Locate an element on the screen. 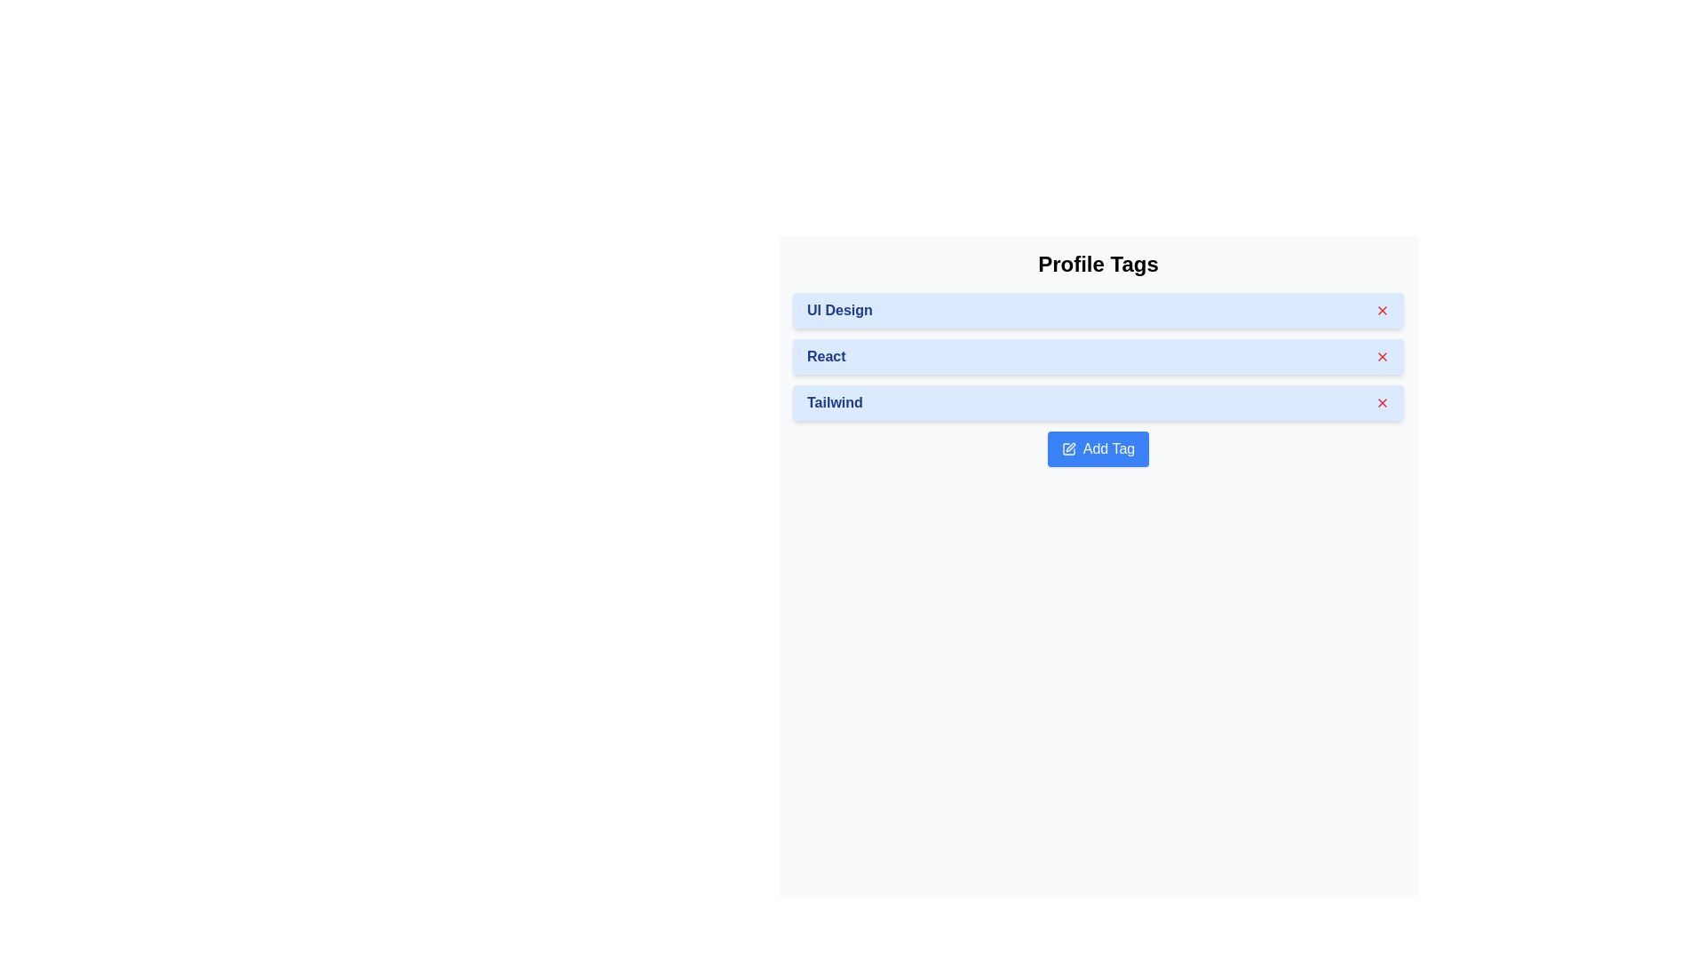  the pen icon on the left side of the 'Add Tag' button, which serves as a visual indicator for adding or creating tags is located at coordinates (1067, 448).